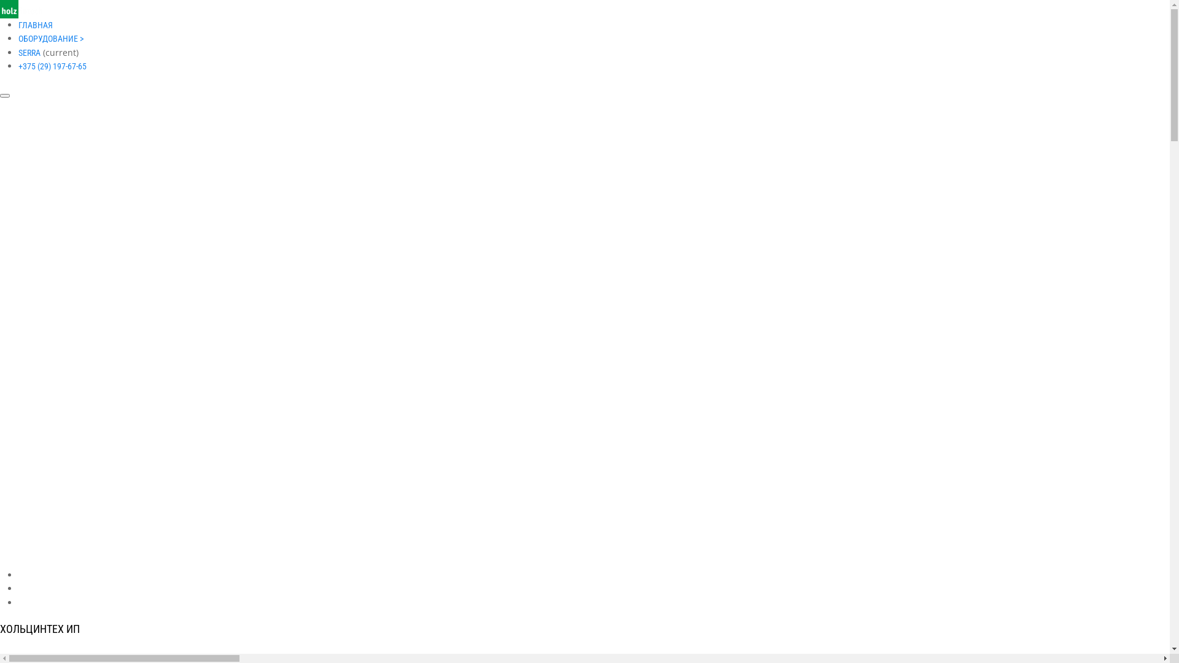 This screenshot has width=1179, height=663. I want to click on '+375 (29) 197-67-65', so click(52, 66).